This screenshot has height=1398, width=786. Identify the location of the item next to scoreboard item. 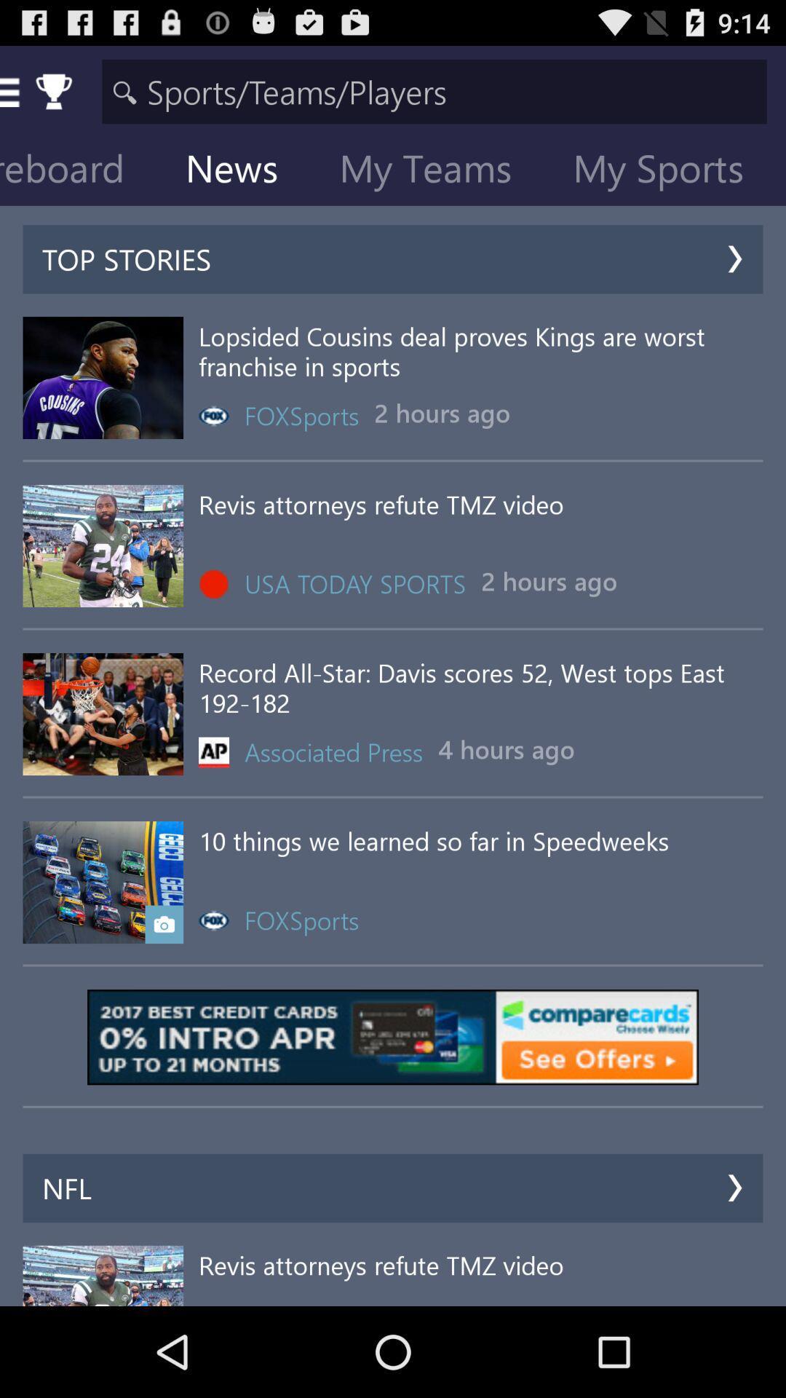
(242, 171).